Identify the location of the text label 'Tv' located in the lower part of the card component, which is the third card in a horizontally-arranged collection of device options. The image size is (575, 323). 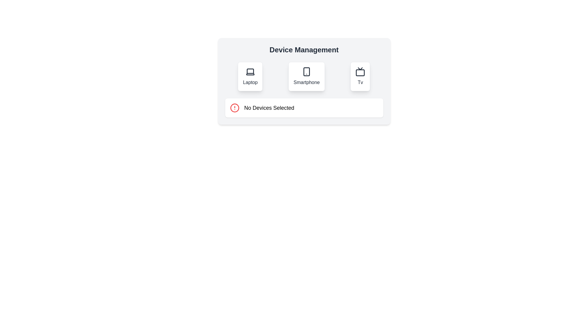
(360, 83).